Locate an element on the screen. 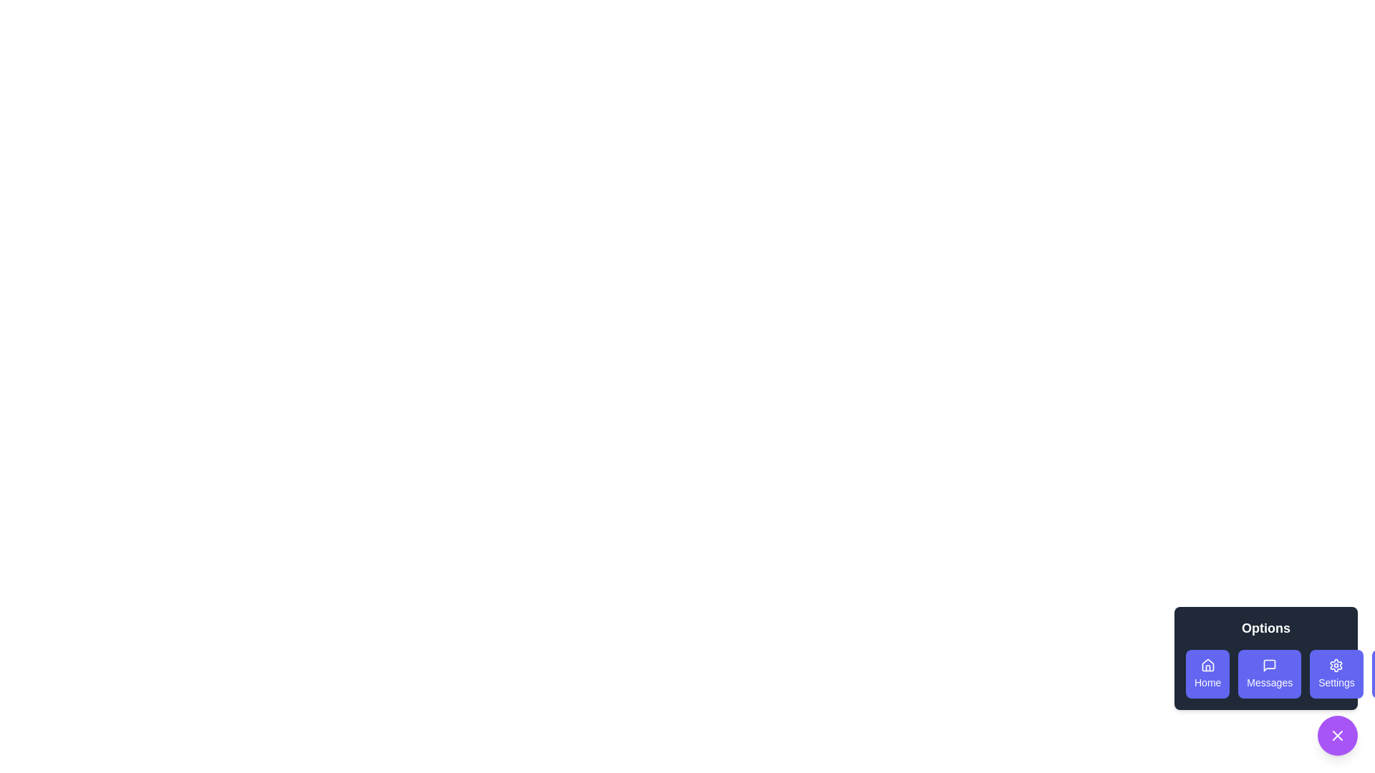 The width and height of the screenshot is (1375, 773). the purple circular close icon button located at the bottom-right of the interface is located at coordinates (1336, 736).